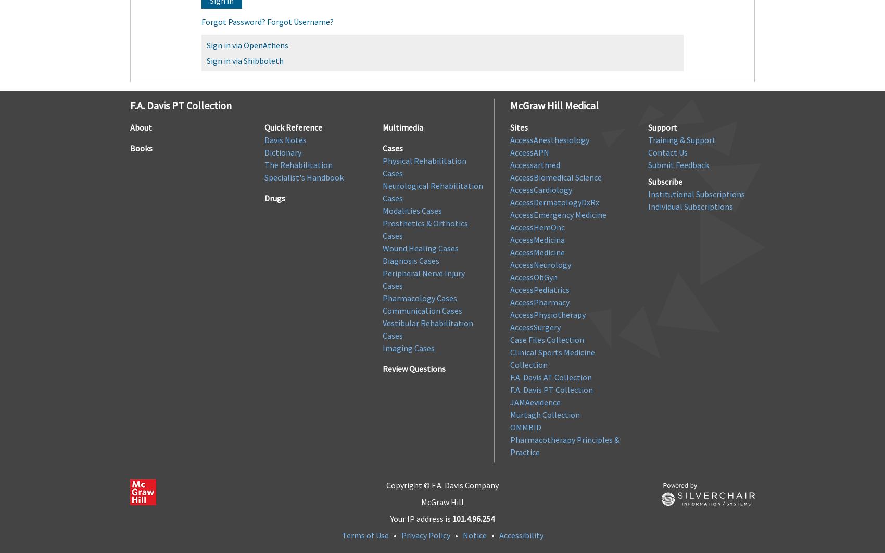  What do you see at coordinates (510, 426) in the screenshot?
I see `'OMMBID'` at bounding box center [510, 426].